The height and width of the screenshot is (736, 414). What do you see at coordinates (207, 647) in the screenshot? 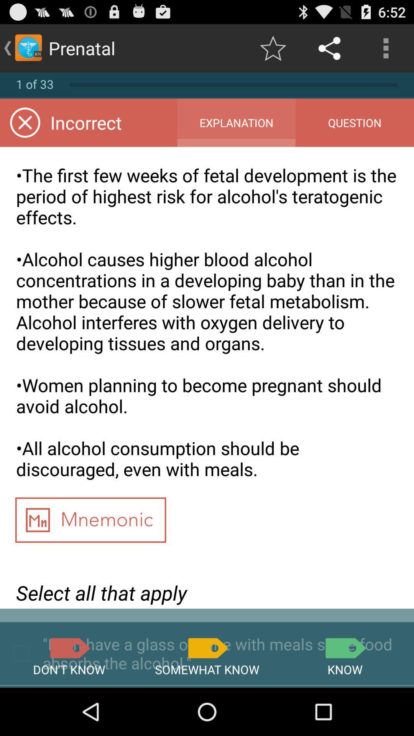
I see `somewhat know` at bounding box center [207, 647].